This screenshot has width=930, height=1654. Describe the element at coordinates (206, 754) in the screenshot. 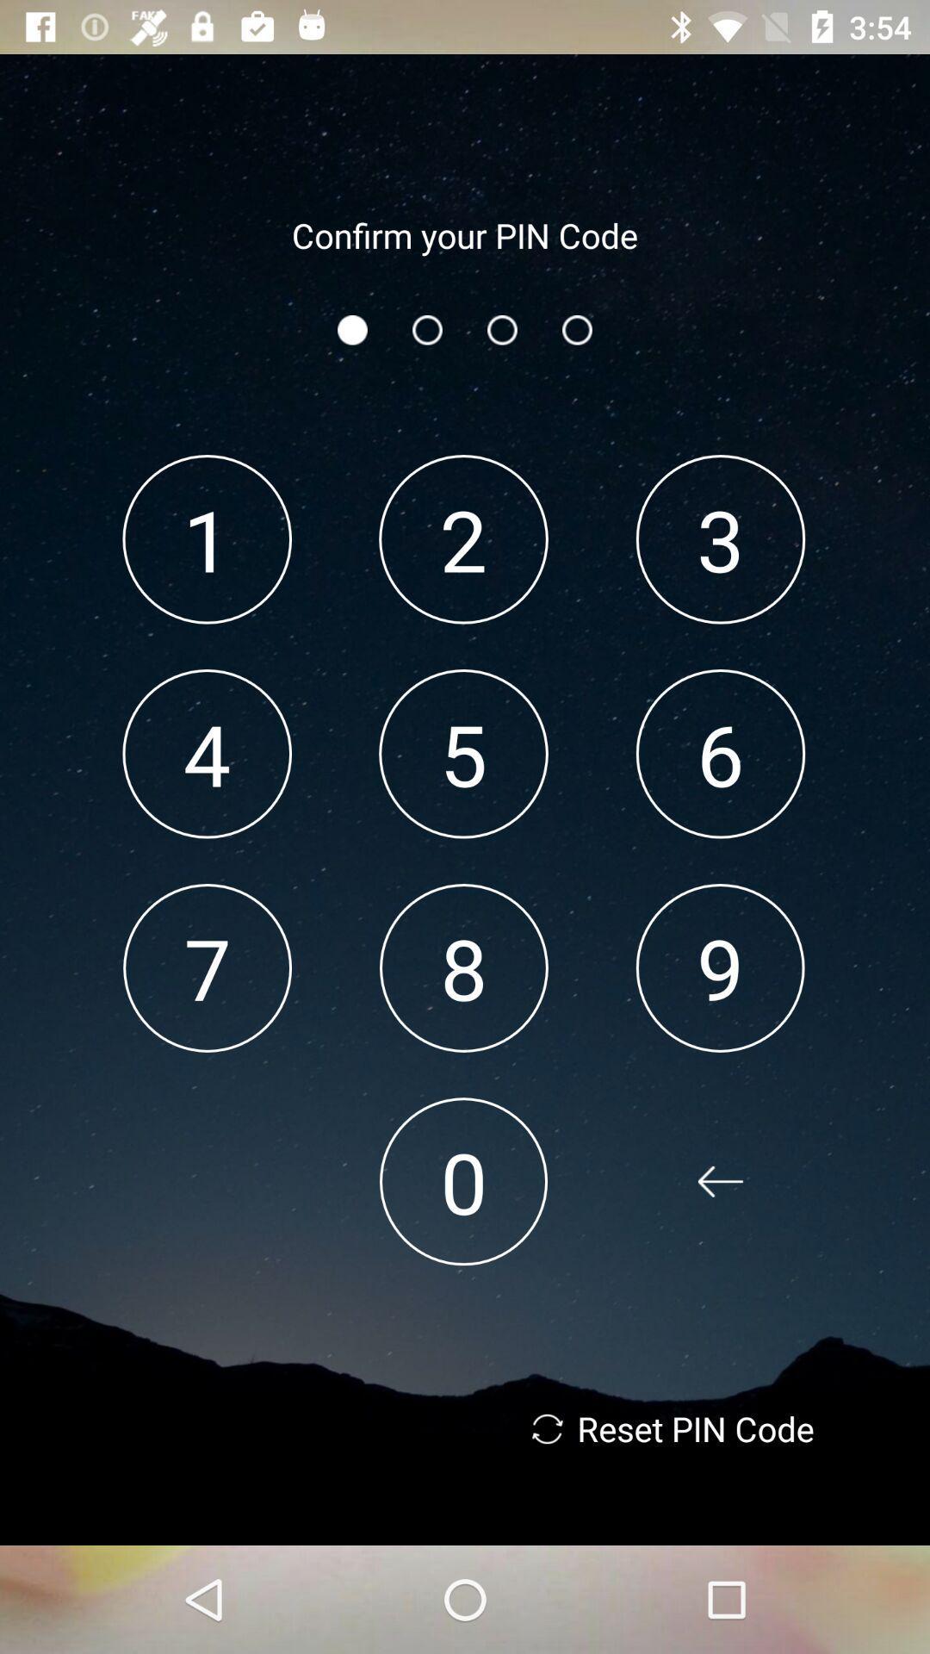

I see `the 4 item` at that location.